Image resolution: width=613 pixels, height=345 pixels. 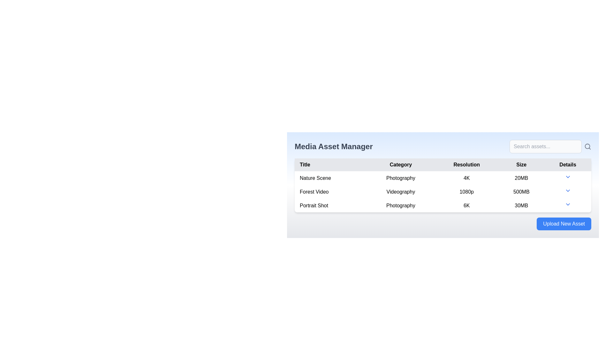 What do you see at coordinates (568, 204) in the screenshot?
I see `the third dropdown indicator in the 'Details' column of the table corresponding to the 'Portrait Shot' media asset` at bounding box center [568, 204].